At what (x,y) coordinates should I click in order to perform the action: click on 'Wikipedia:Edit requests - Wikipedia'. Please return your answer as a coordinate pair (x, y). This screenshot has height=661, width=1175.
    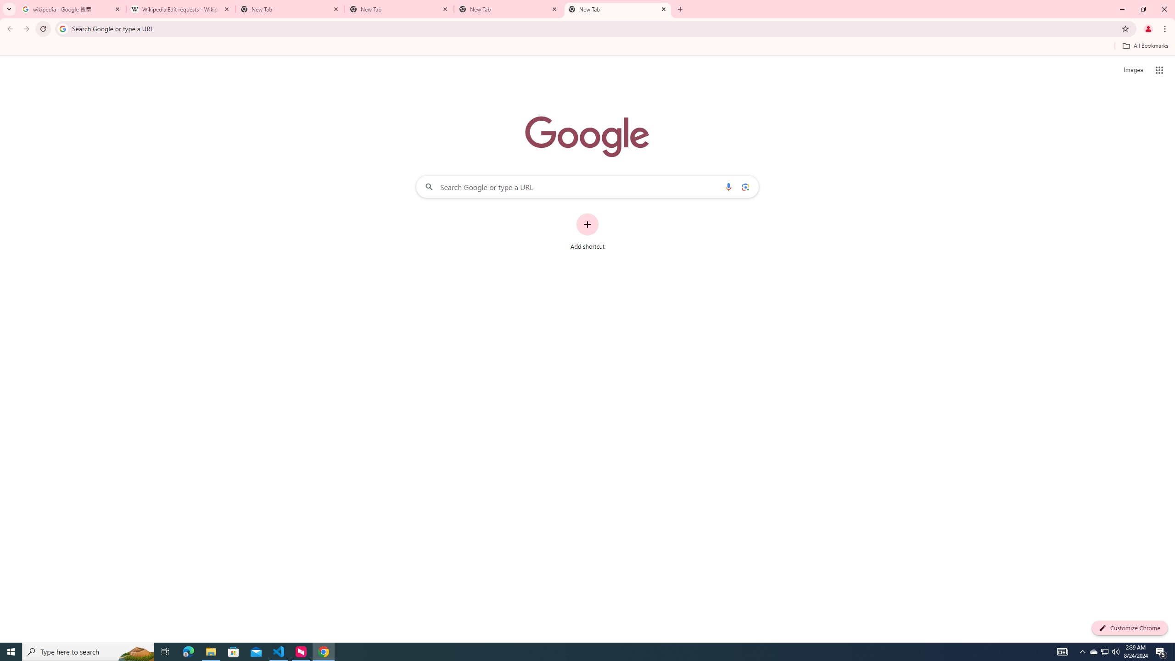
    Looking at the image, I should click on (181, 9).